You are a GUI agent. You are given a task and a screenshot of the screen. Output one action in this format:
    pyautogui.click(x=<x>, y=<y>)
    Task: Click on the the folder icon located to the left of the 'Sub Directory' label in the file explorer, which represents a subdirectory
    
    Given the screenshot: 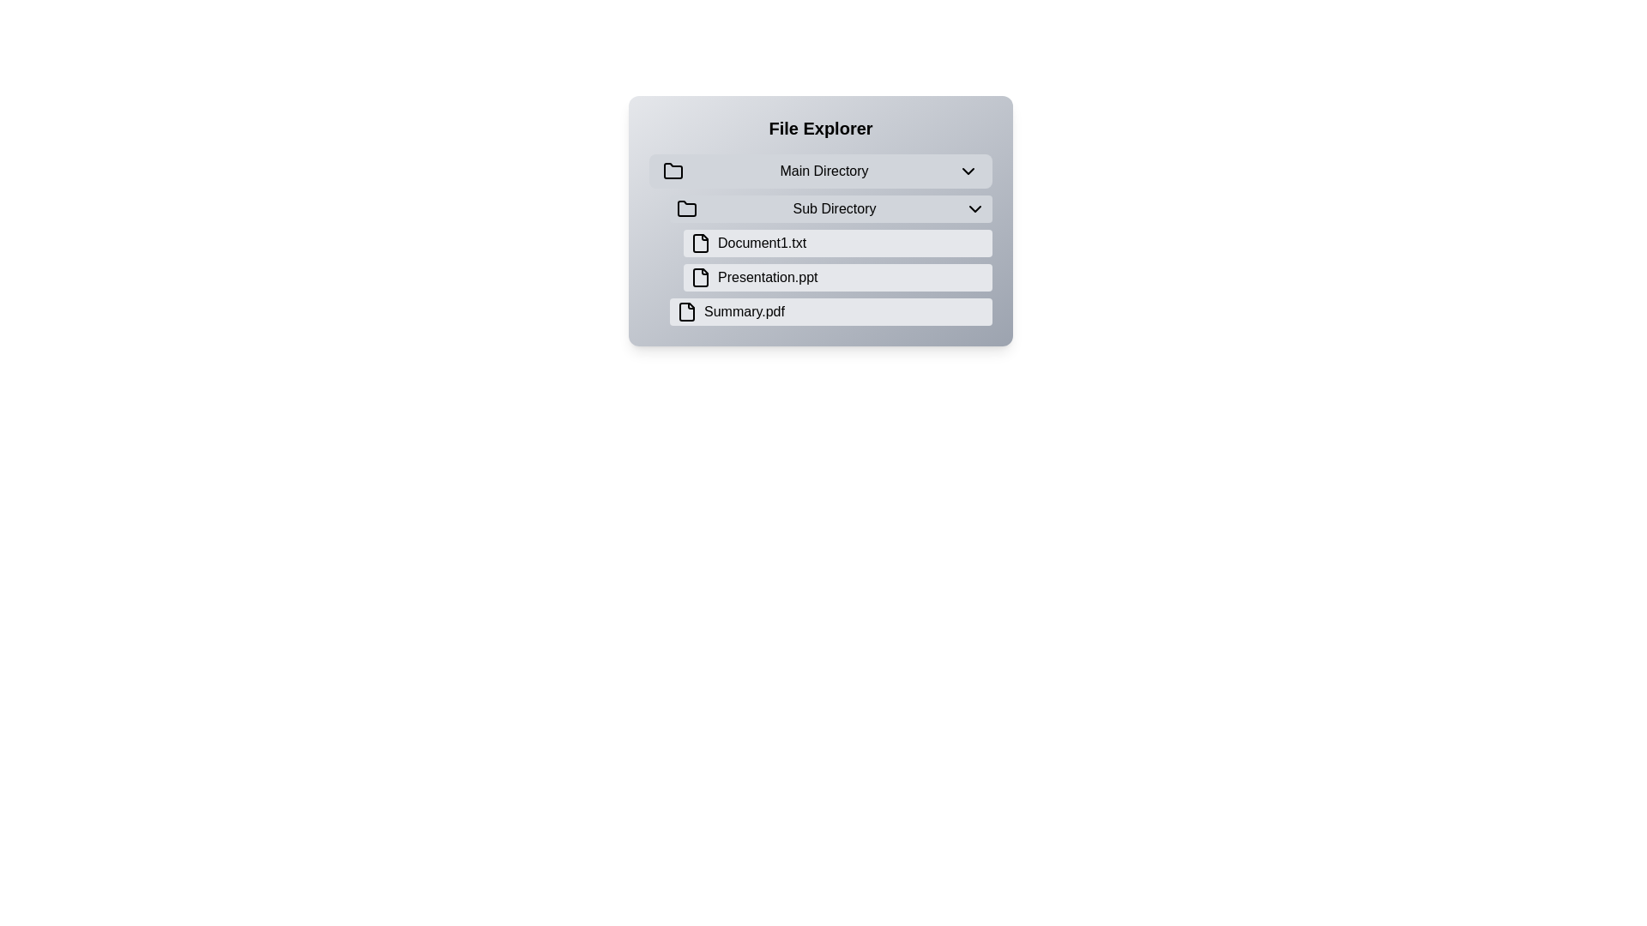 What is the action you would take?
    pyautogui.click(x=687, y=207)
    